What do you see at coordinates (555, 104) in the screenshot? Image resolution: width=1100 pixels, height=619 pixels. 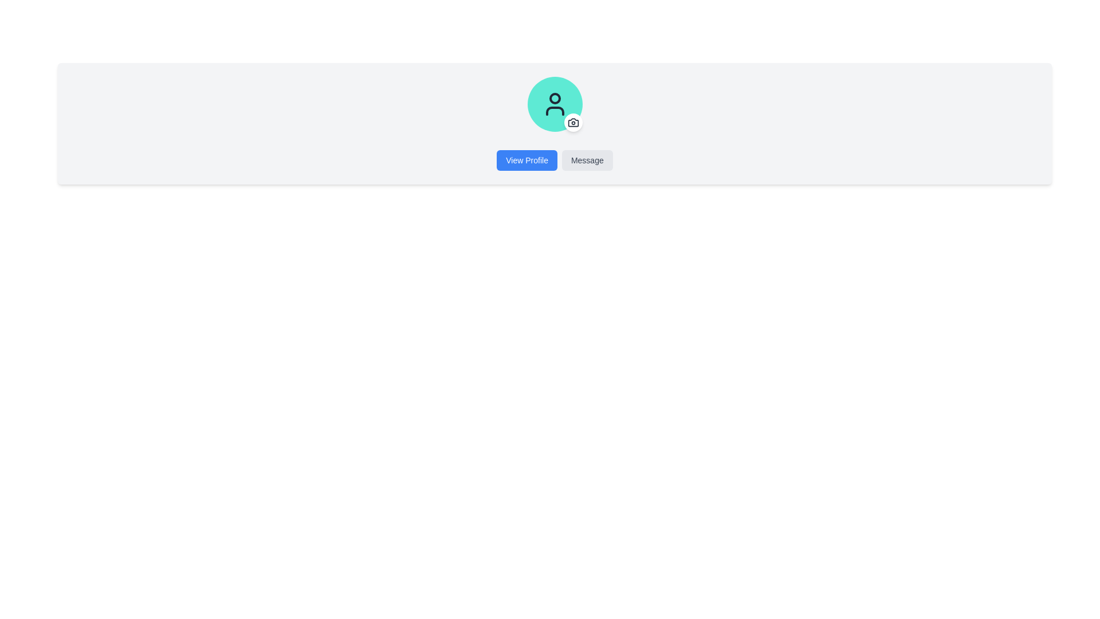 I see `the user icon resembling a simplified avatar silhouette, colored in a dark shade against a teal circular background` at bounding box center [555, 104].